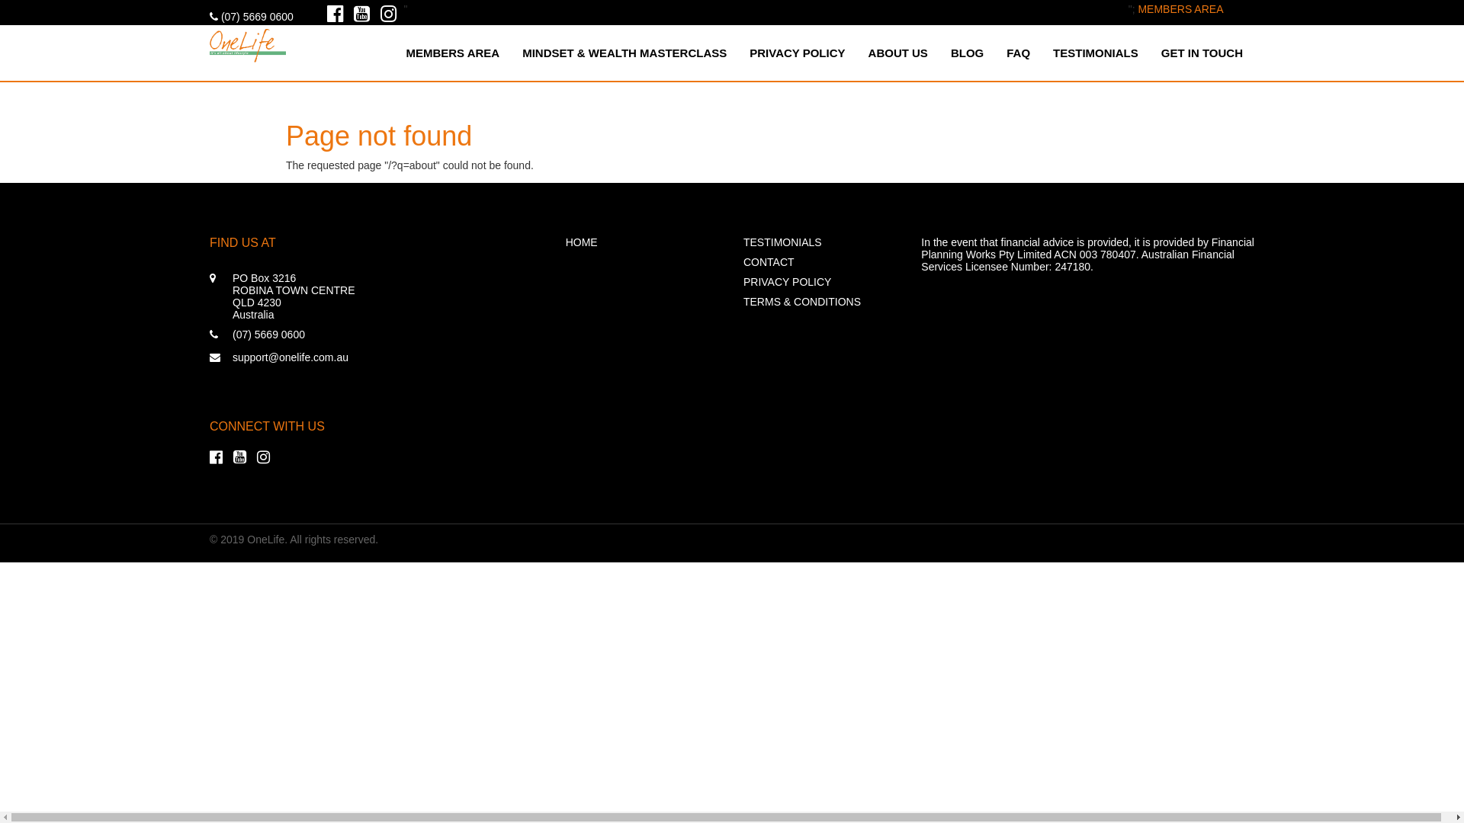 The height and width of the screenshot is (823, 1464). I want to click on 'MEMBERS AREA', so click(451, 52).